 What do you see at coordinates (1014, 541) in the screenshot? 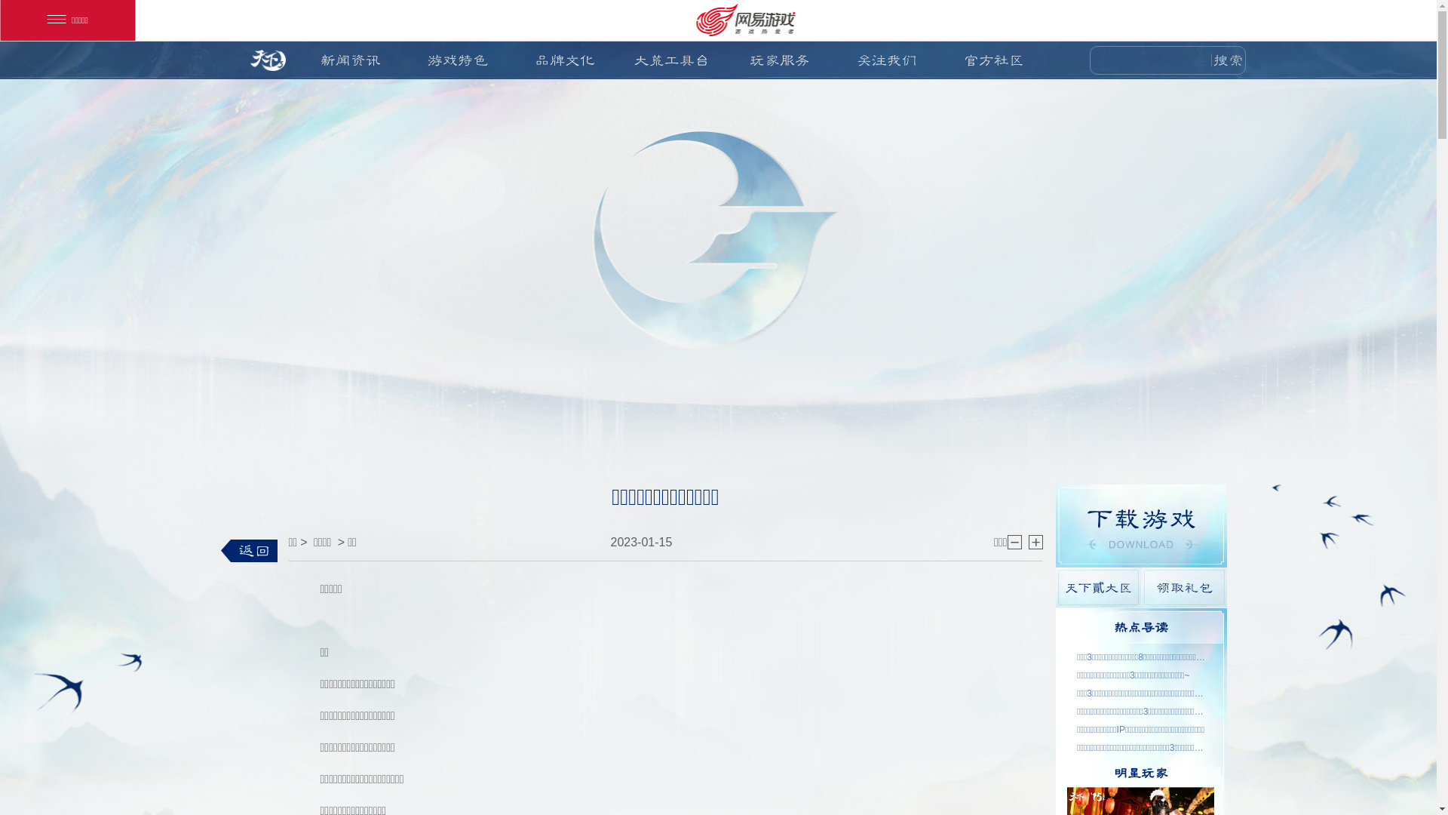
I see `'-'` at bounding box center [1014, 541].